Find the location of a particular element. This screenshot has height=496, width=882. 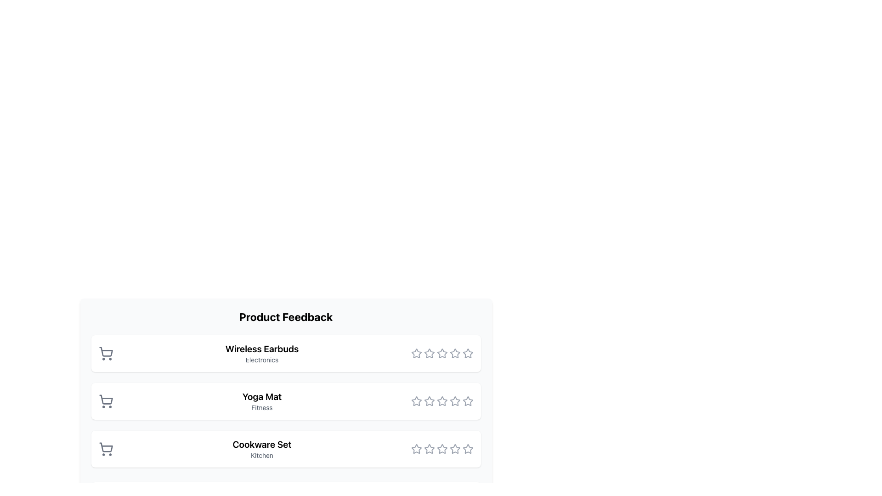

the fifth star in the five-star rating system of the 'Cookware Set' product in the 'Product Feedback' section is located at coordinates (455, 448).